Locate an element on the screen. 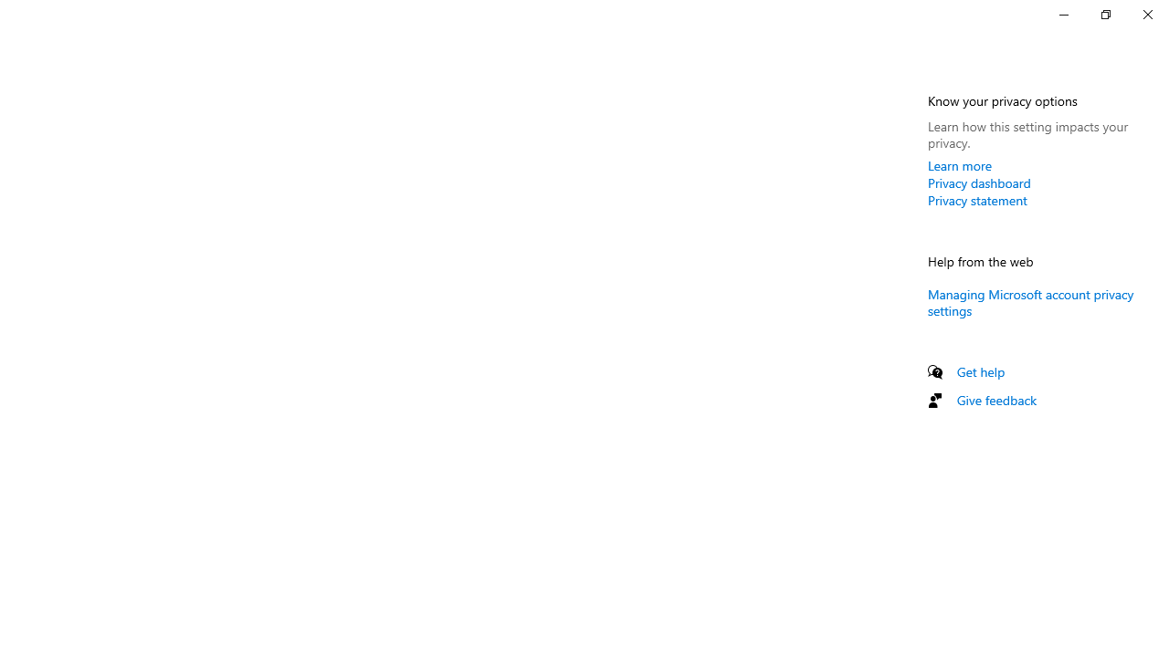 Image resolution: width=1169 pixels, height=657 pixels. 'Give feedback' is located at coordinates (995, 399).